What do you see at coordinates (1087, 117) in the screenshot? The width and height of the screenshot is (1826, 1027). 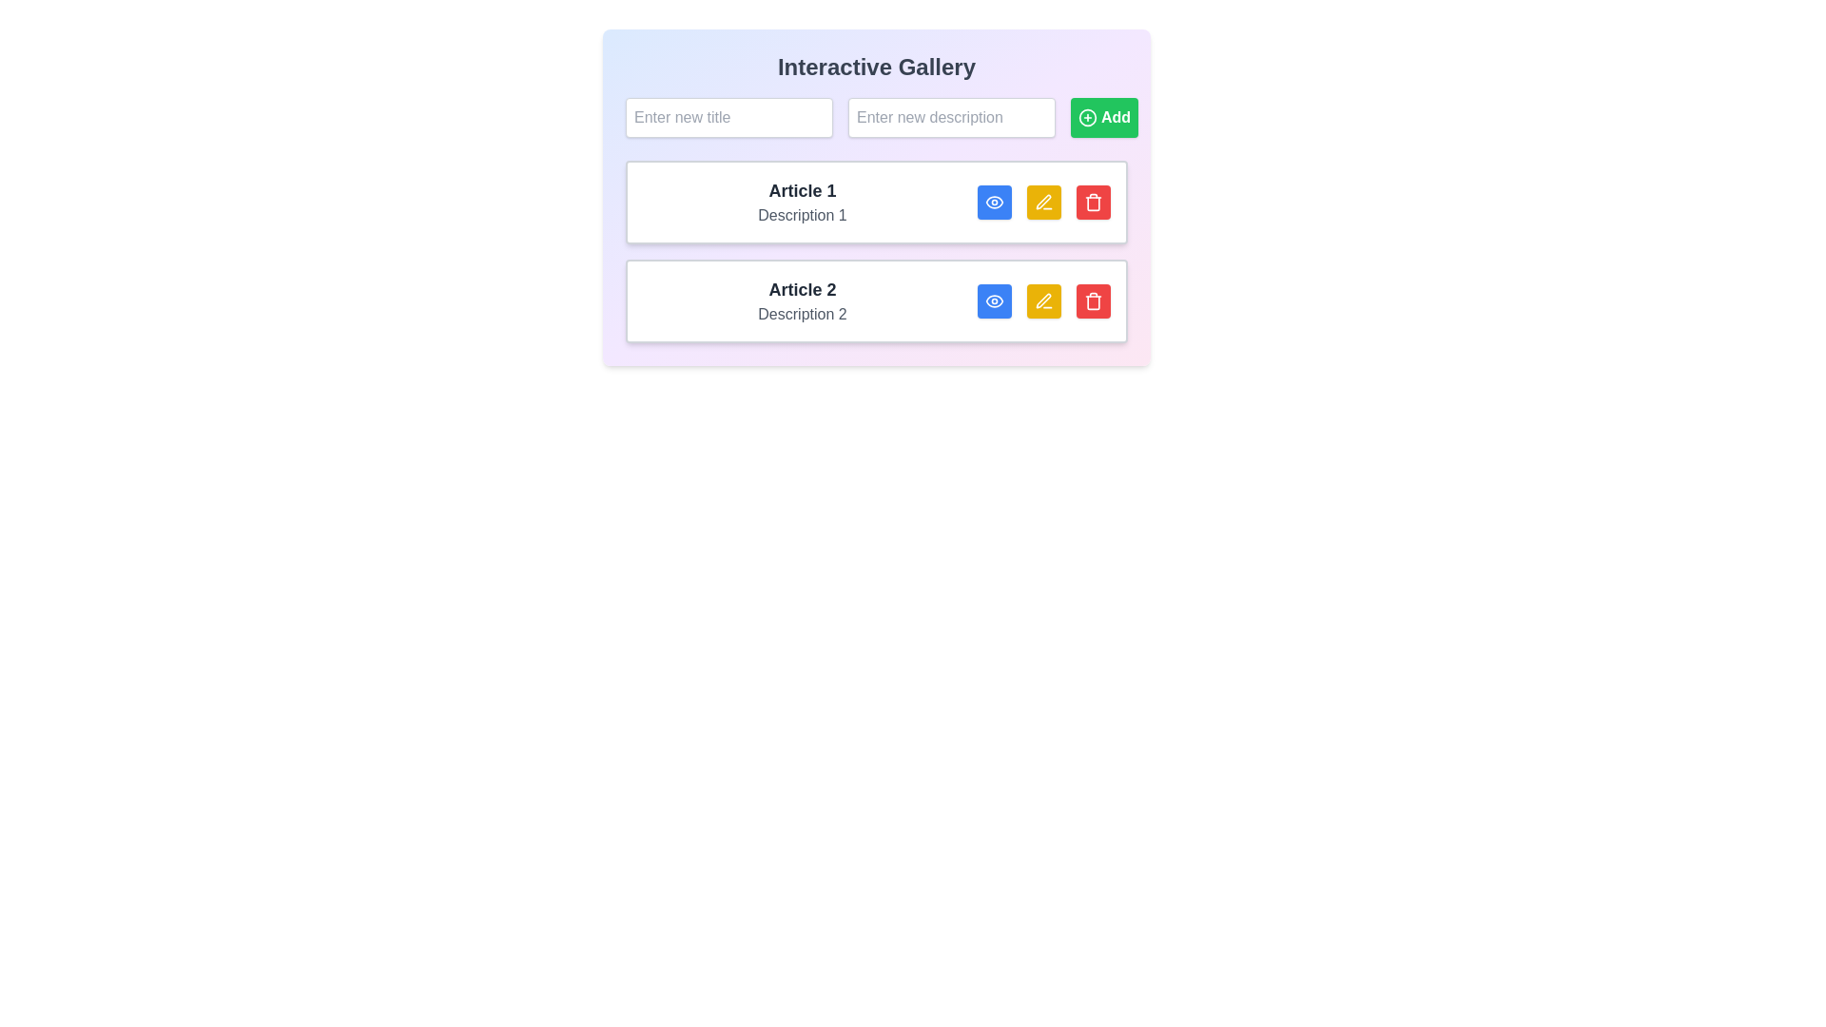 I see `the add icon located inside the green 'Add' button at the top-right corner of the interactive gallery interface` at bounding box center [1087, 117].